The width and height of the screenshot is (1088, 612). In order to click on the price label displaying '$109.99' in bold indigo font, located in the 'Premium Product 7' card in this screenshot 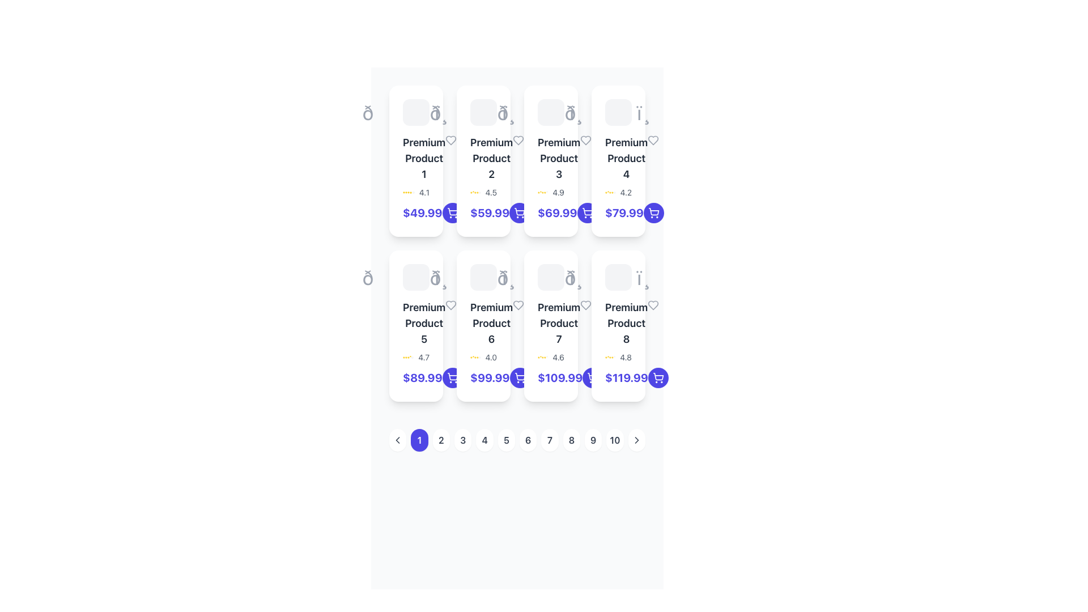, I will do `click(560, 378)`.